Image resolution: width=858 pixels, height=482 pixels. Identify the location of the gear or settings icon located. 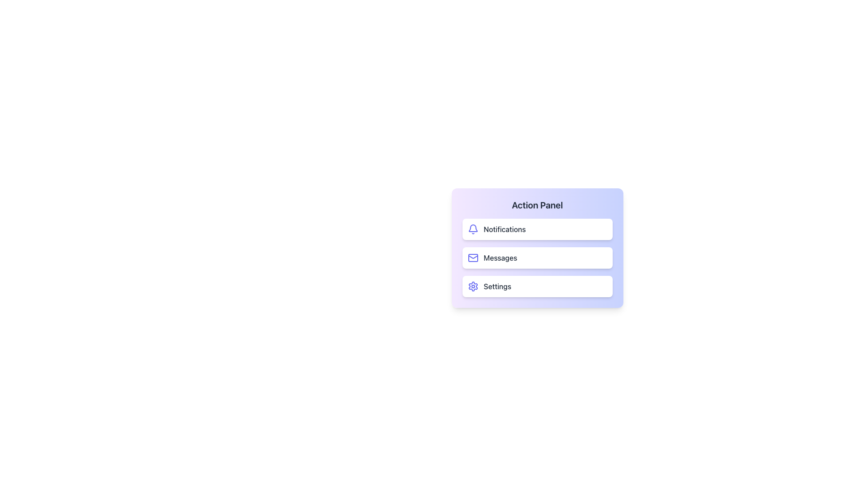
(472, 286).